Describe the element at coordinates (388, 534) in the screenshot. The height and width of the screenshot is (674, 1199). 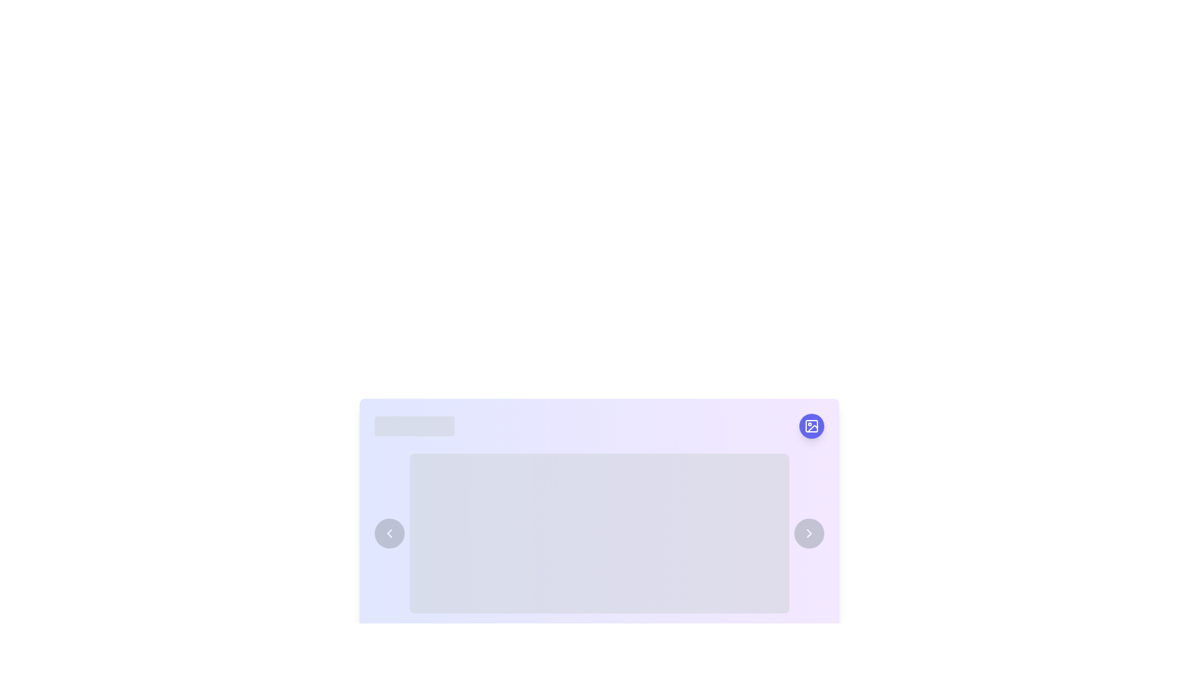
I see `the left-pointing chevron icon, which is styled as a white arrow on a transparent background and located in the center of a circular button with a light gray fill` at that location.